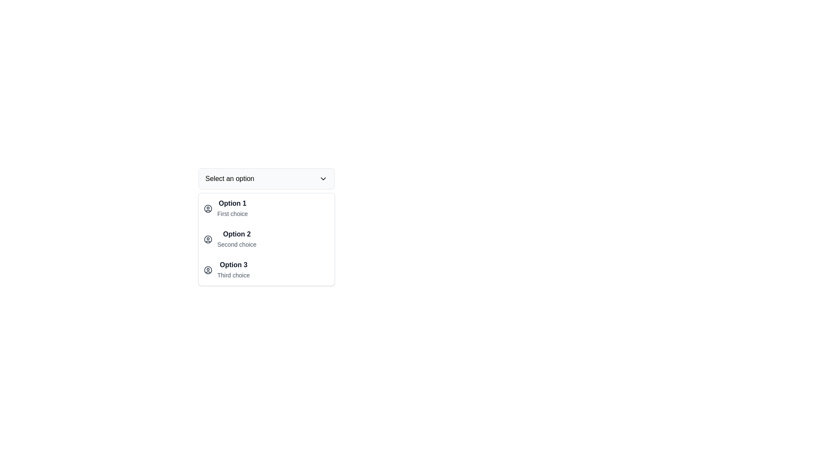  Describe the element at coordinates (232, 213) in the screenshot. I see `the text label displaying 'First choice', which is a subtitle for the first option in the dropdown menu located below 'Option 1'` at that location.